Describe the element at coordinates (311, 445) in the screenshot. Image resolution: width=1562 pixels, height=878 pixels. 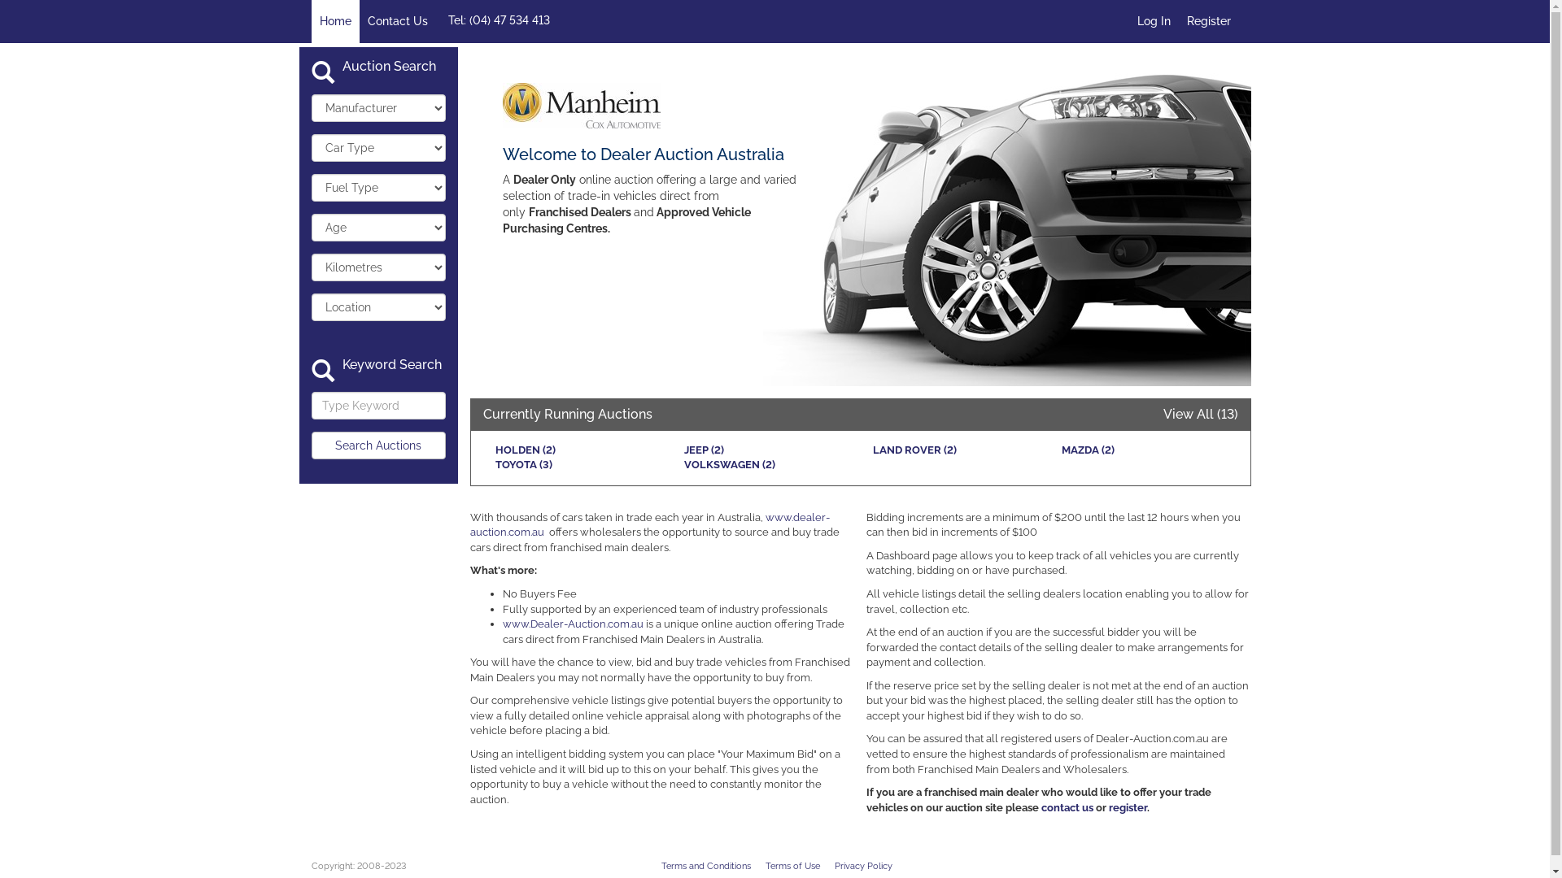
I see `'Search Auctions'` at that location.